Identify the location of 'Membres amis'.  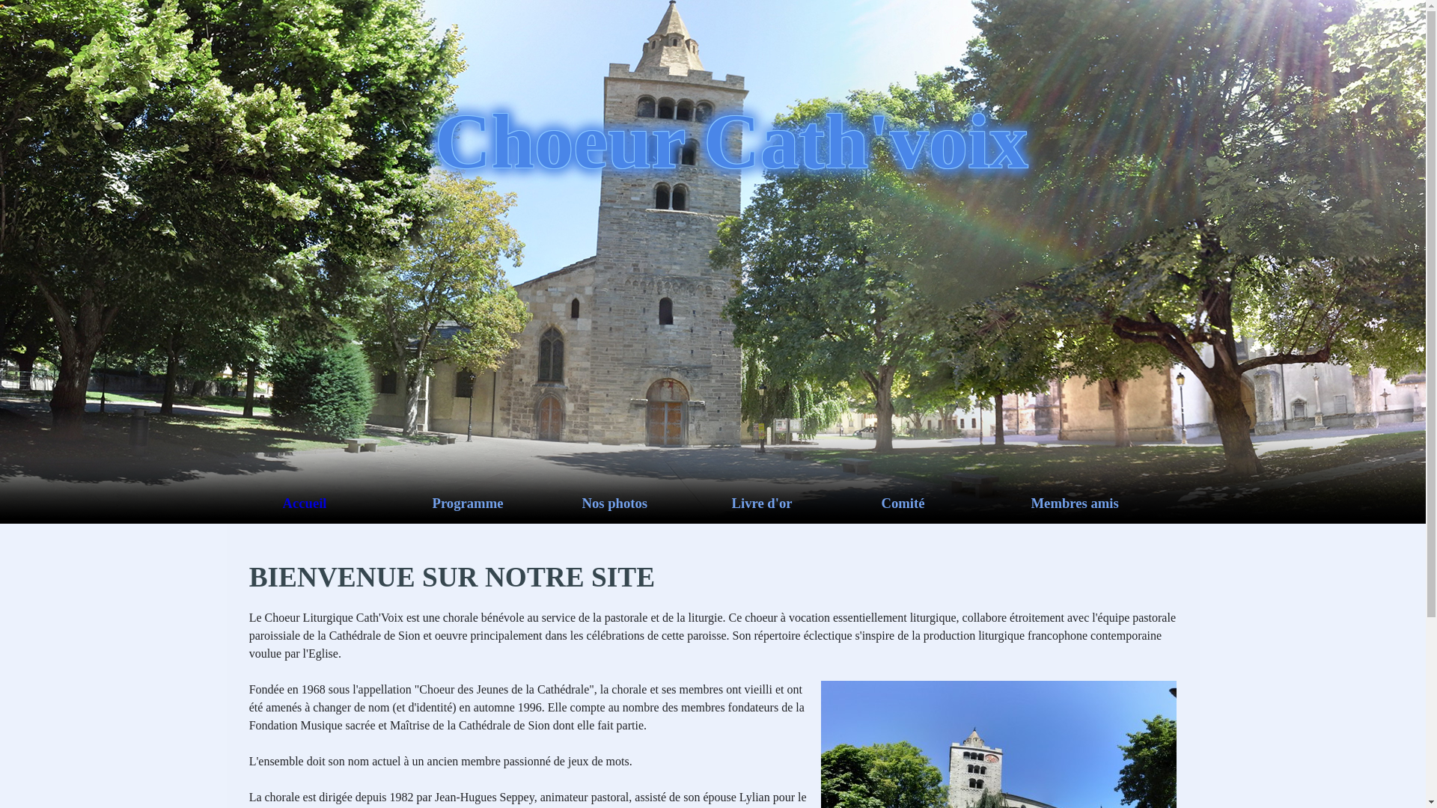
(1106, 503).